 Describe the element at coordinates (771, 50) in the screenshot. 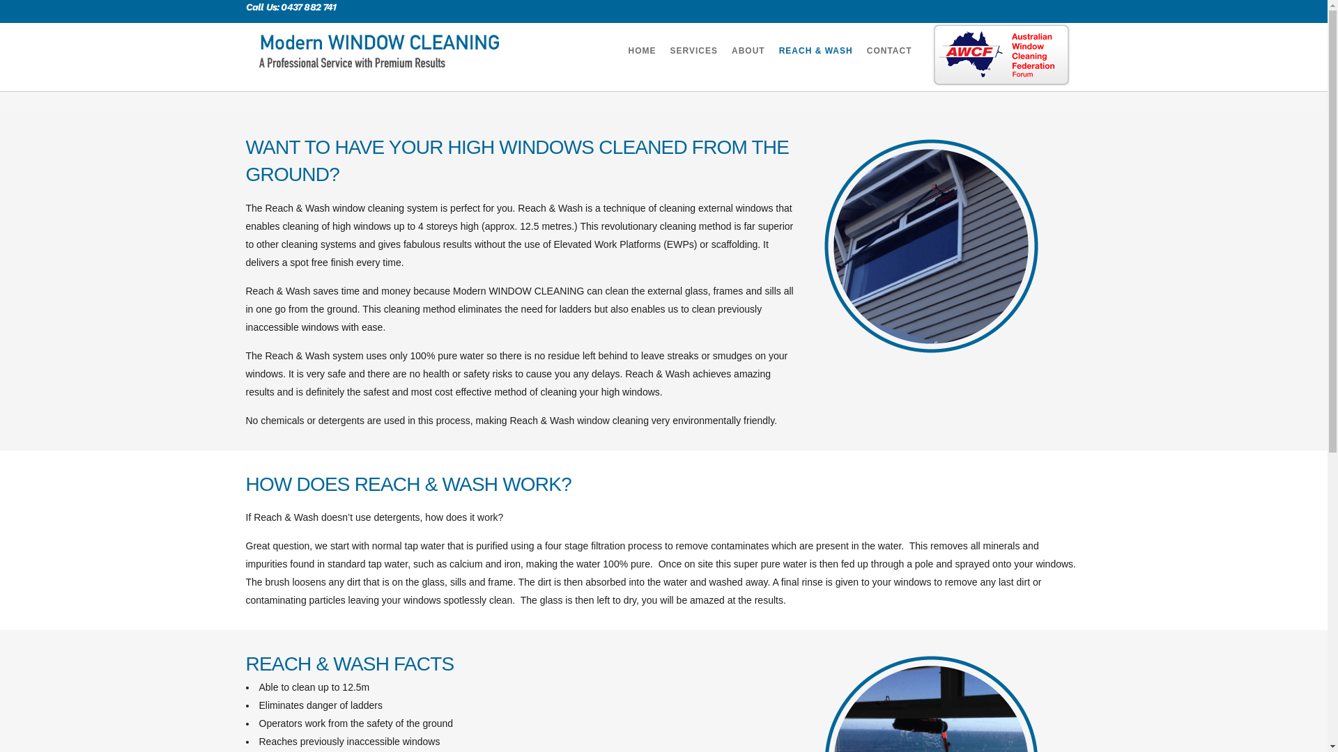

I see `'REACH & WASH'` at that location.